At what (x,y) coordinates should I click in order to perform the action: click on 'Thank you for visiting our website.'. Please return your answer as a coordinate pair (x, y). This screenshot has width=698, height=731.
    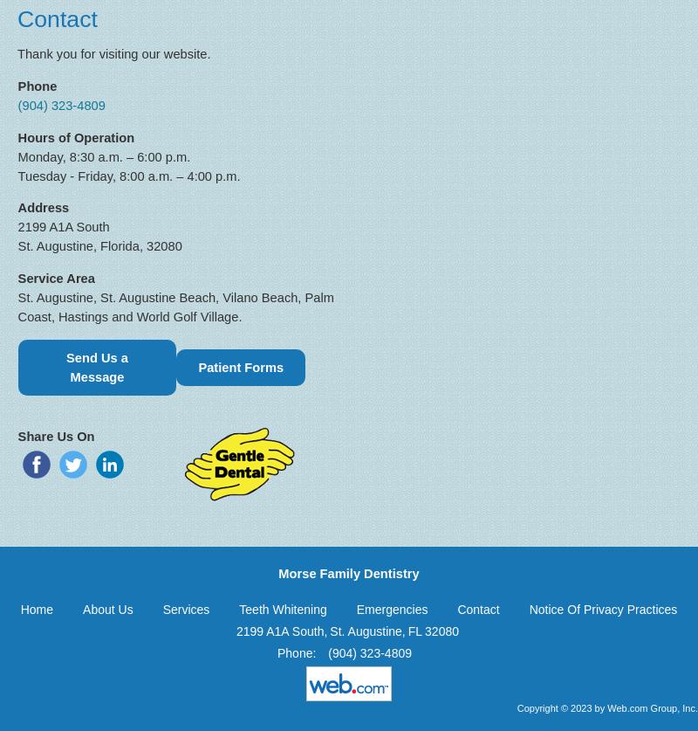
    Looking at the image, I should click on (17, 54).